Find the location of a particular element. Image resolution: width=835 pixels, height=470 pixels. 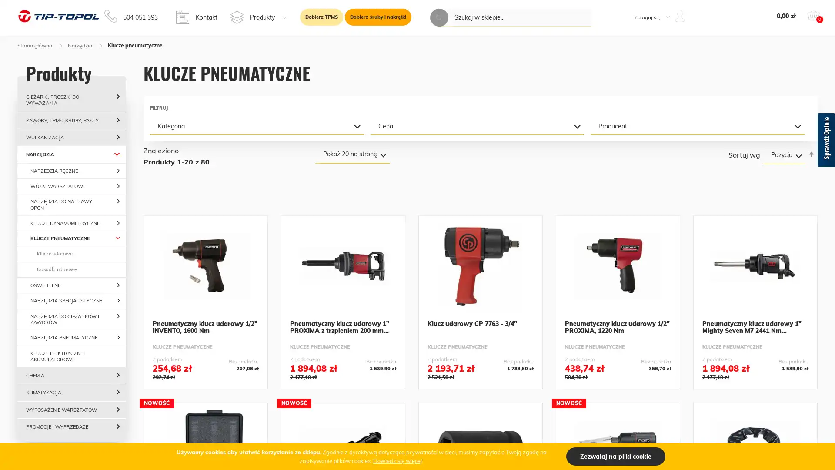

Dodaj do koszyka is located at coordinates (617, 377).